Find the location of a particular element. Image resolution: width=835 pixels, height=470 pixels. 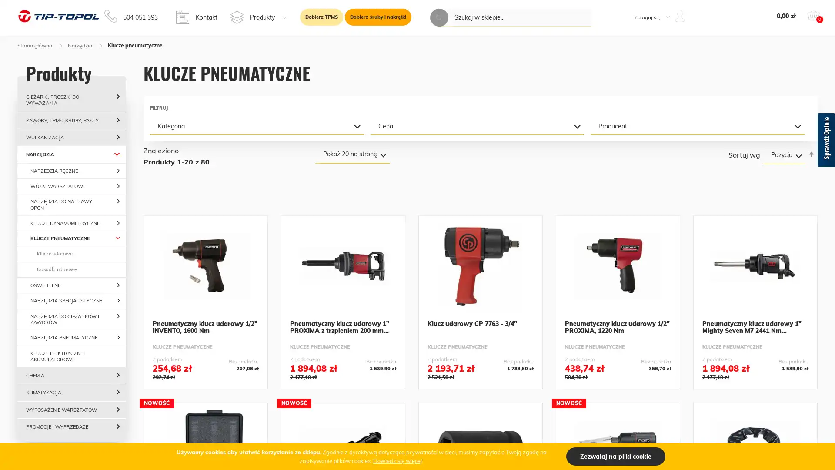

Dodaj do koszyka is located at coordinates (617, 377).